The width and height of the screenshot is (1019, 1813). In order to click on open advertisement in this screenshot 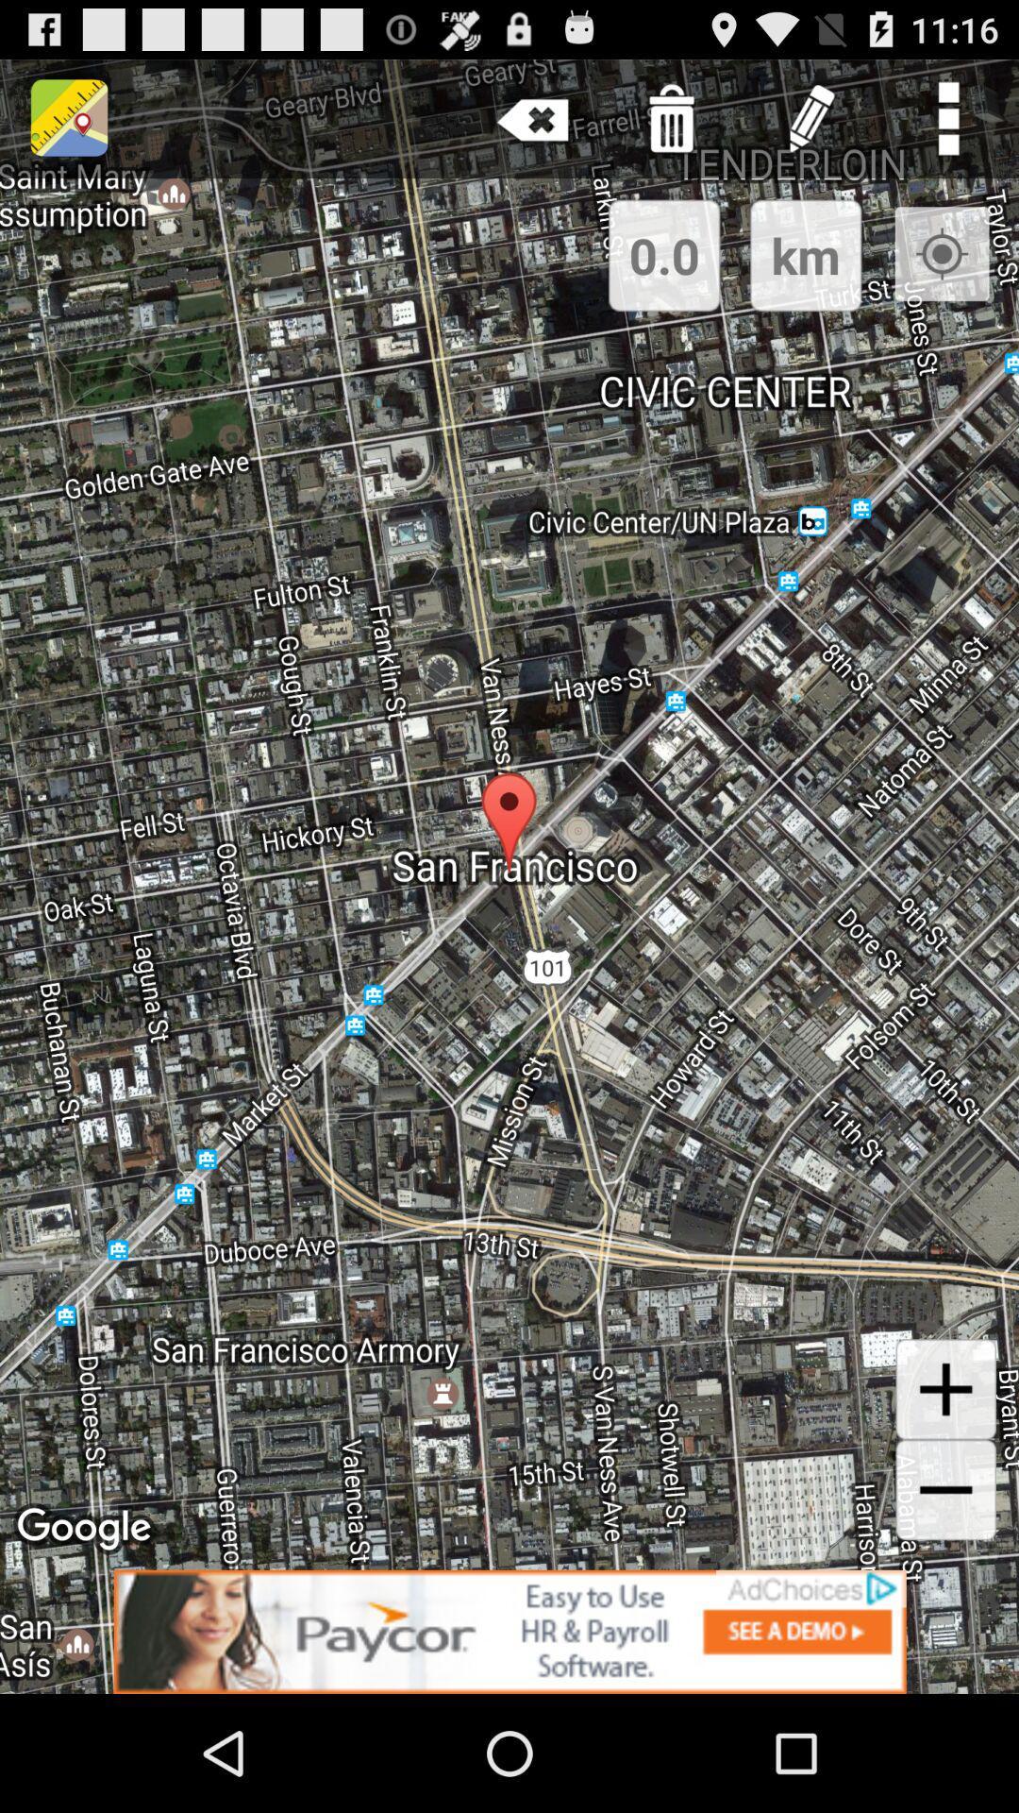, I will do `click(509, 1631)`.